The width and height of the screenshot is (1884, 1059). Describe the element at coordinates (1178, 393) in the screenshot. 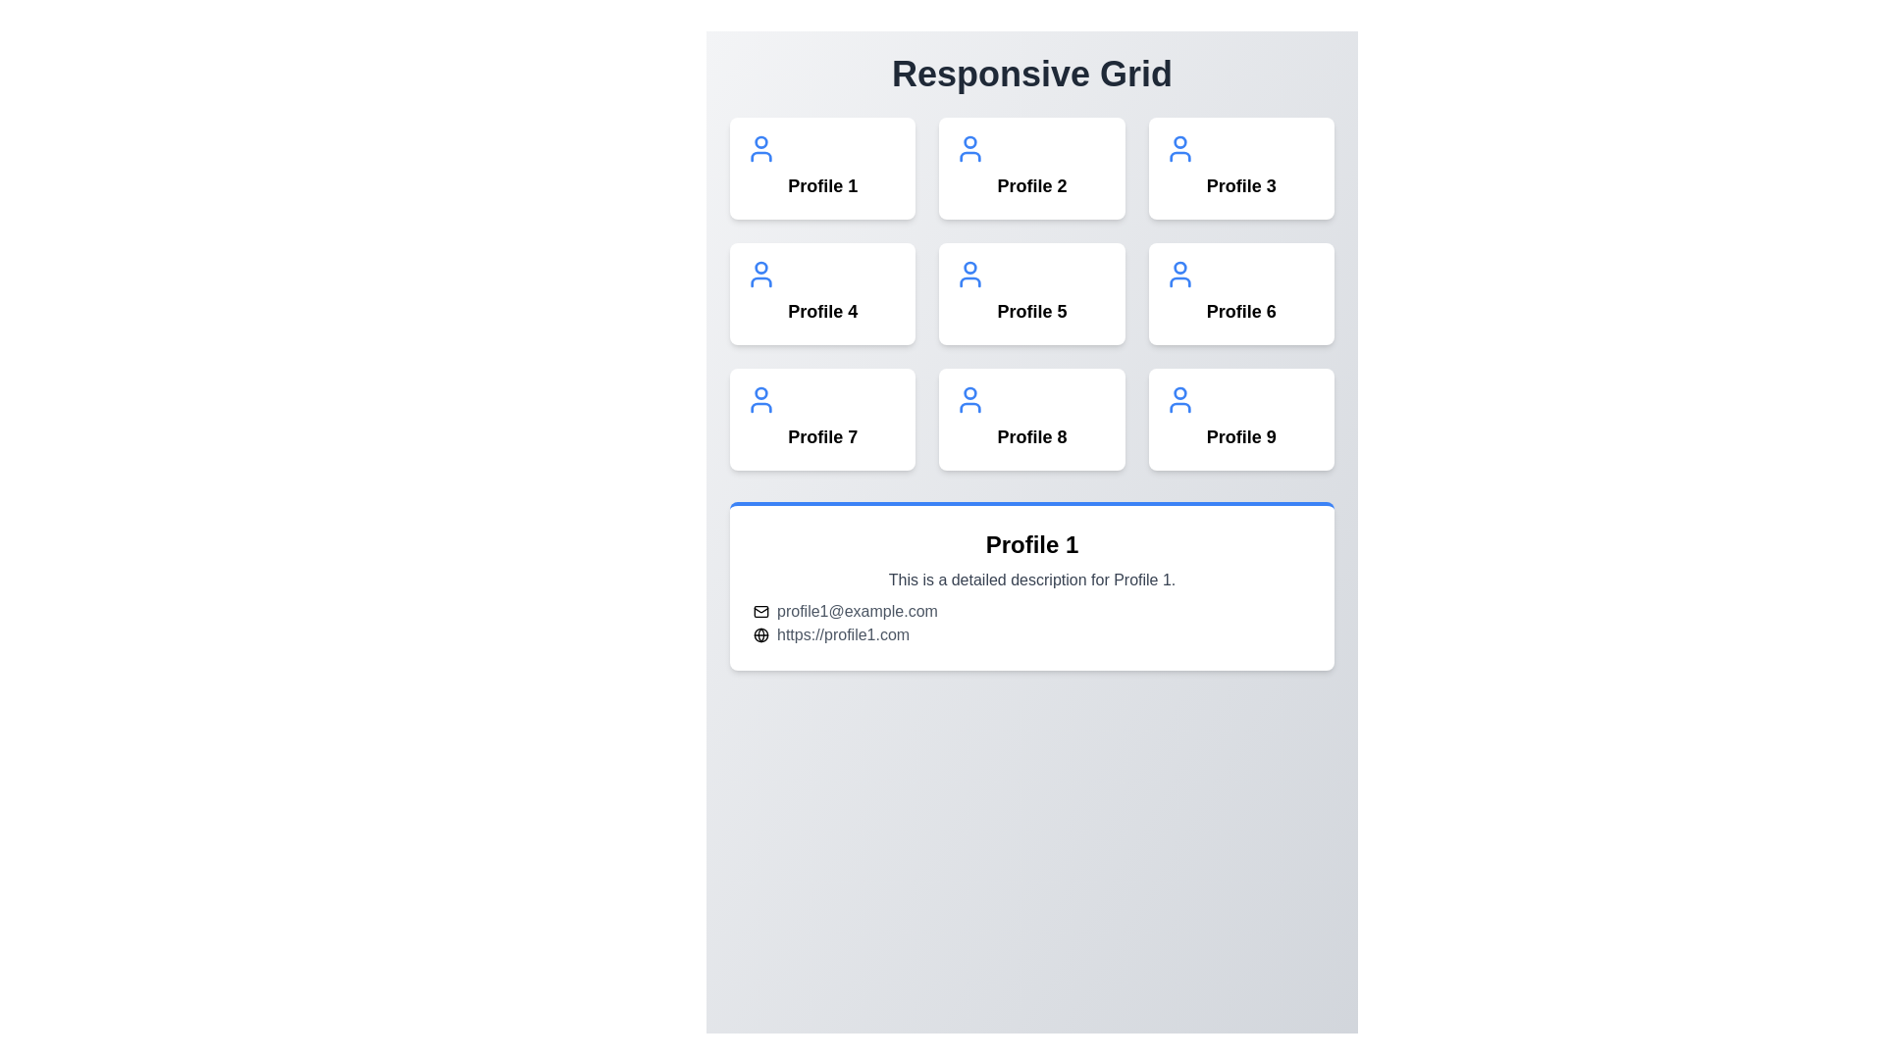

I see `the decorative SVG Circle that represents the user icon for 'Profile 9', located in the bottom-right corner of the grid` at that location.